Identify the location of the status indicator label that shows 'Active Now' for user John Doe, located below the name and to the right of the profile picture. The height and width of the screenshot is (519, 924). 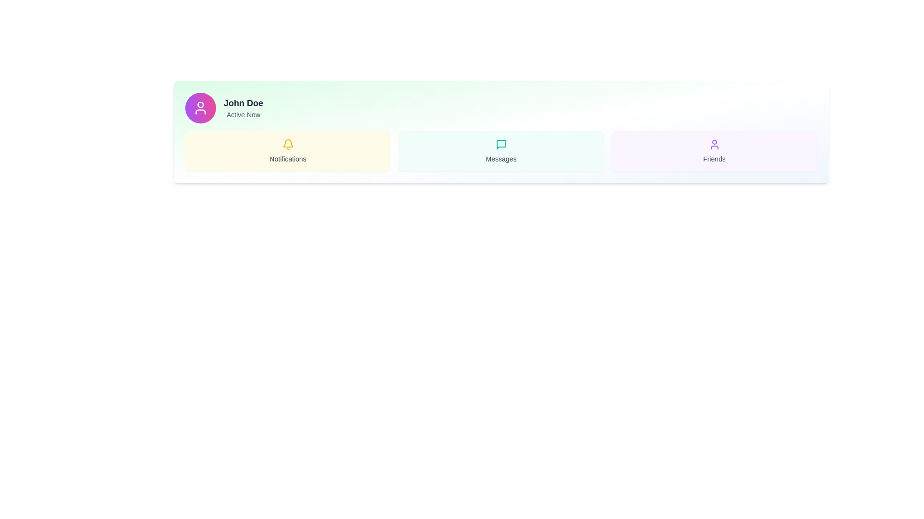
(243, 114).